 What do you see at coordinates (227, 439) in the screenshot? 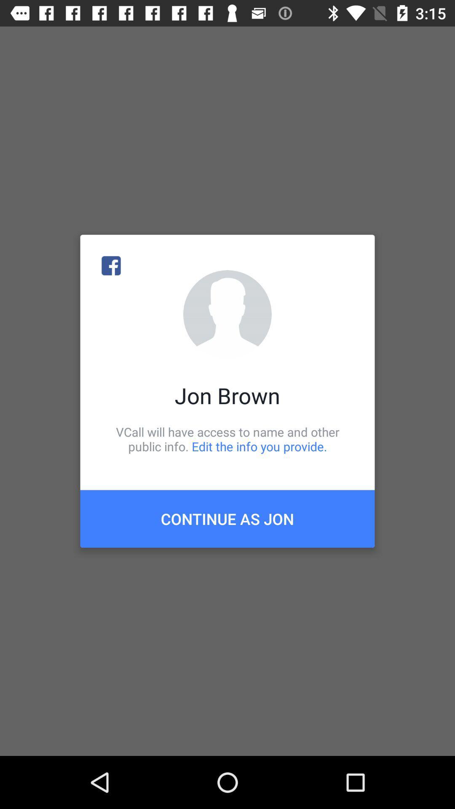
I see `icon above the continue as jon item` at bounding box center [227, 439].